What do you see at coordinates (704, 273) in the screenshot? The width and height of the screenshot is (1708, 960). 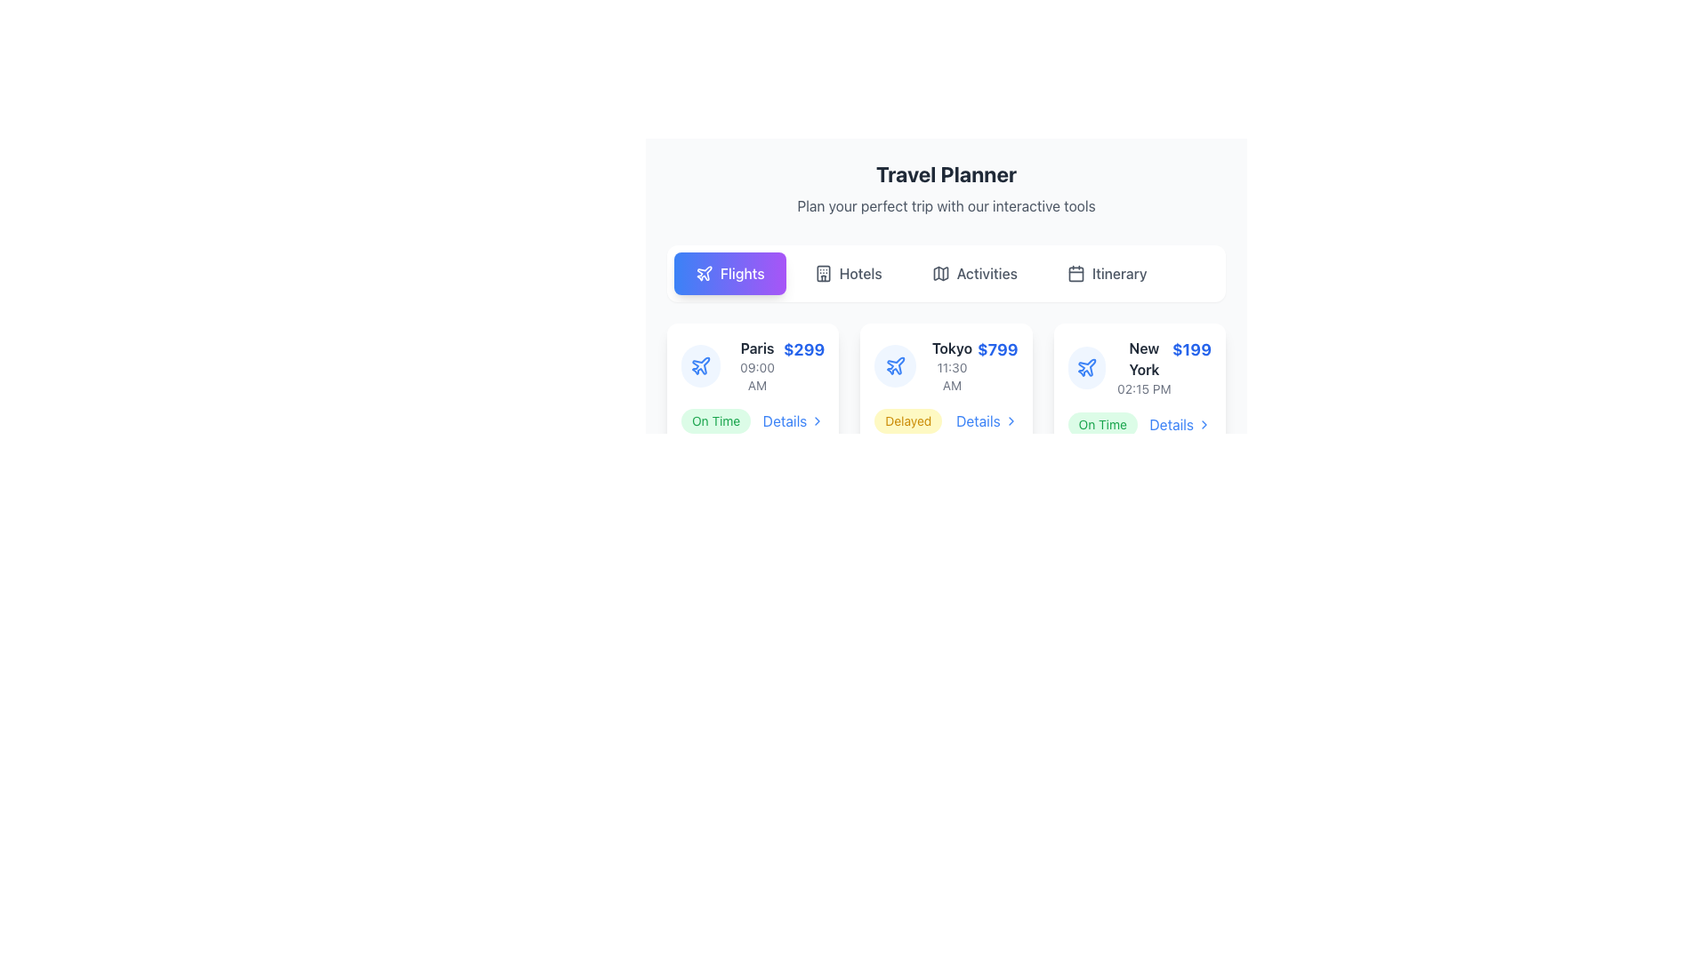 I see `the airplane icon in the 'Flights' section of the navigation bar, which serves as a visual cue for flight information` at bounding box center [704, 273].